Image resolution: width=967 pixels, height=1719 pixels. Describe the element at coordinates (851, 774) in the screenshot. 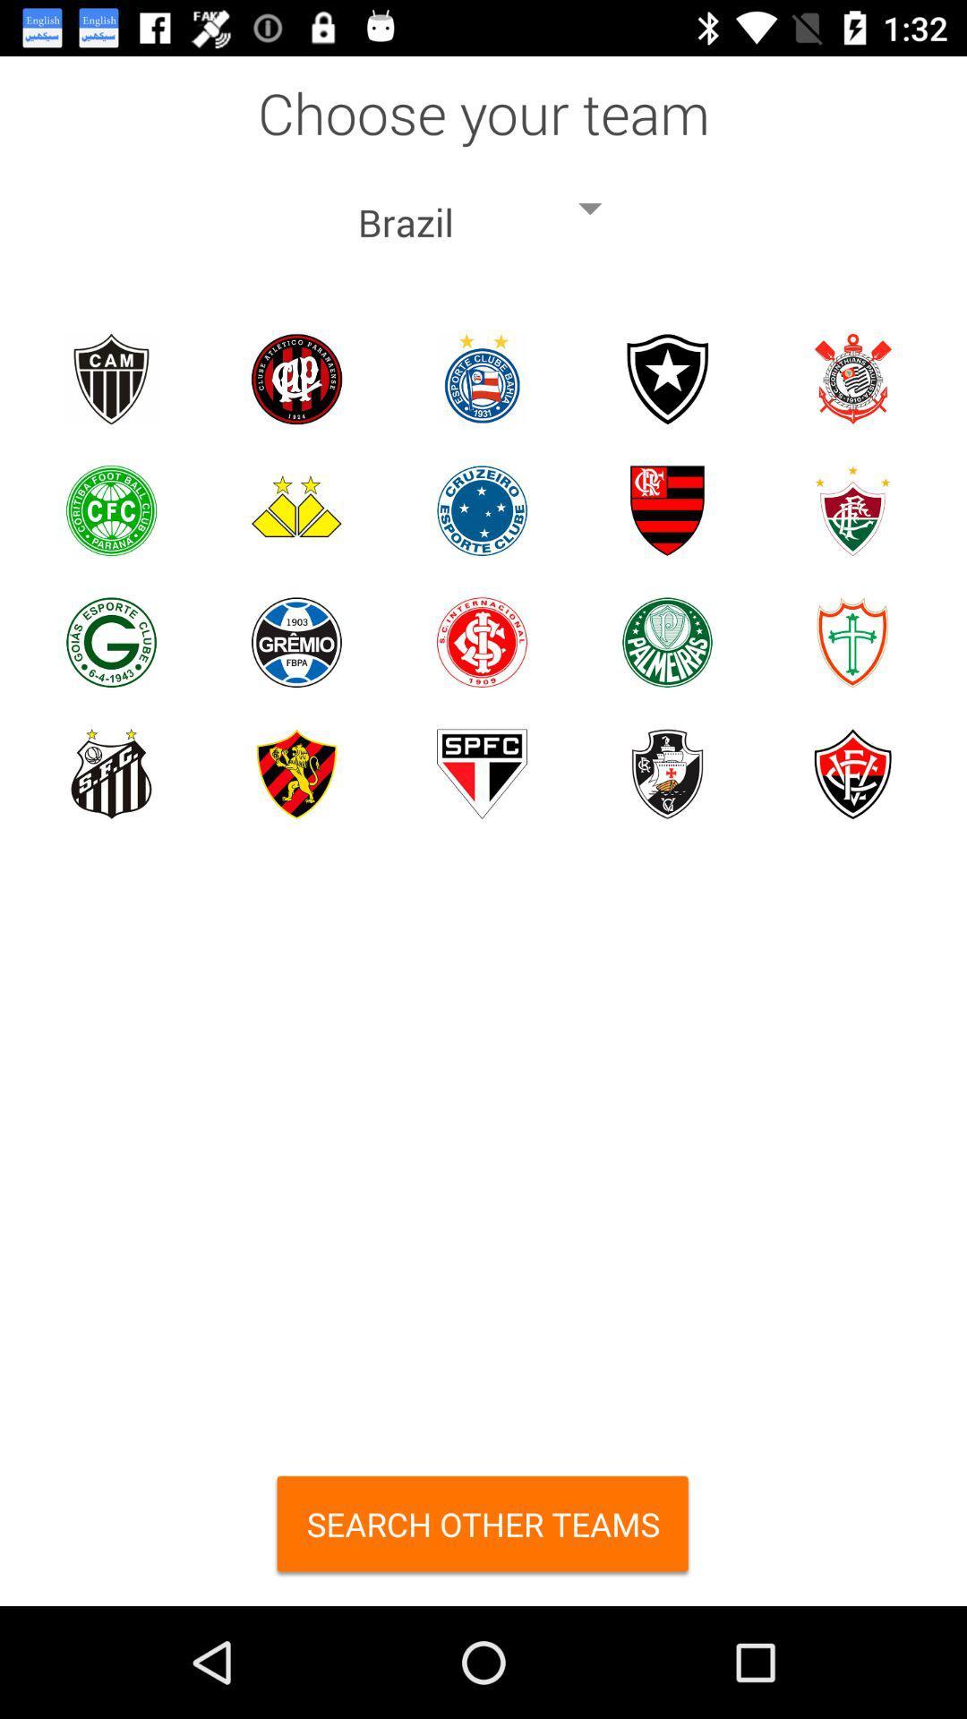

I see `esporte clube vitria` at that location.